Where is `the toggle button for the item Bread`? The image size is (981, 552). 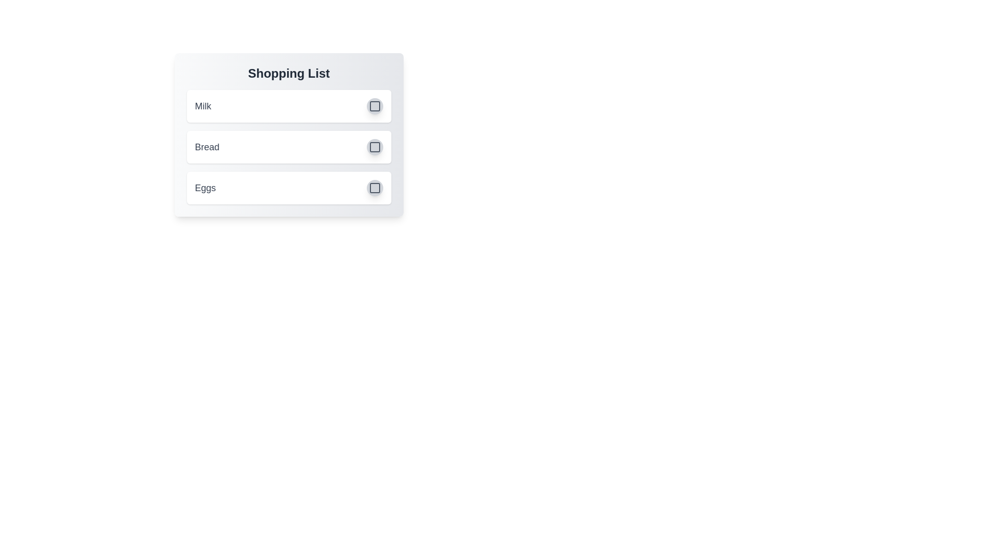 the toggle button for the item Bread is located at coordinates (374, 147).